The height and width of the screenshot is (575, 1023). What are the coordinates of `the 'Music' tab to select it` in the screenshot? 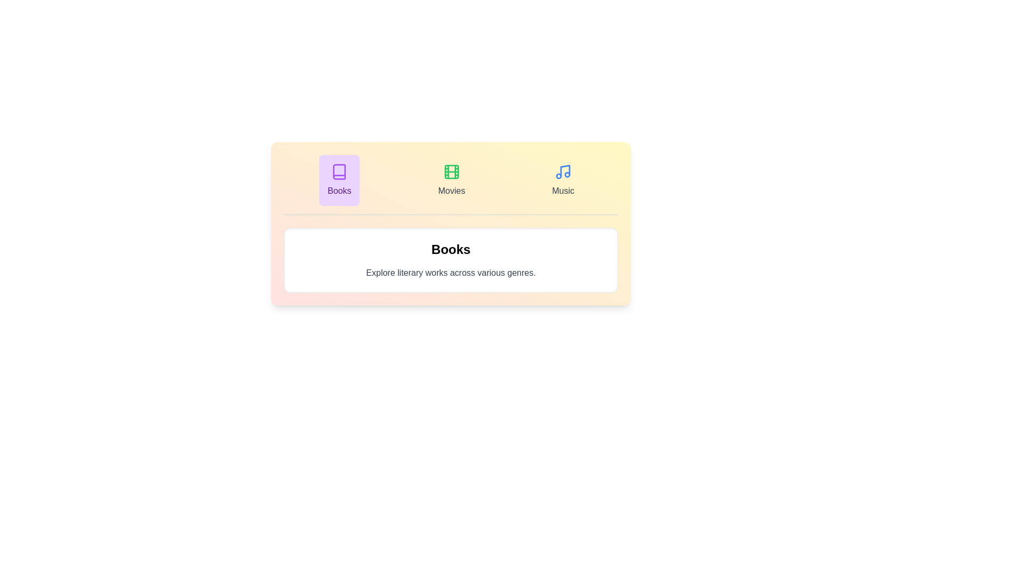 It's located at (562, 180).